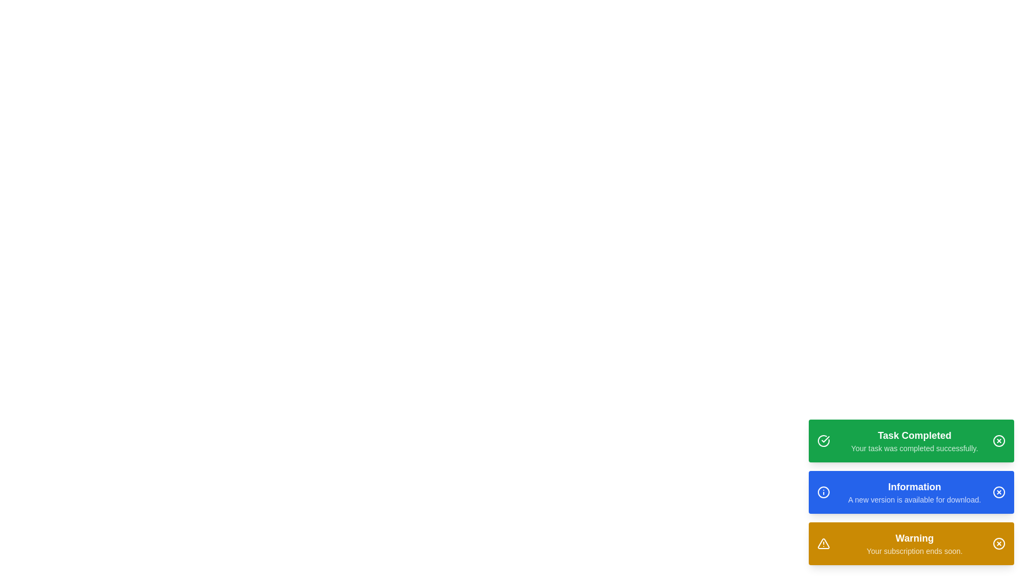 The image size is (1027, 578). I want to click on the close button located at the rightmost section of the 'Warning' notification, so click(998, 543).